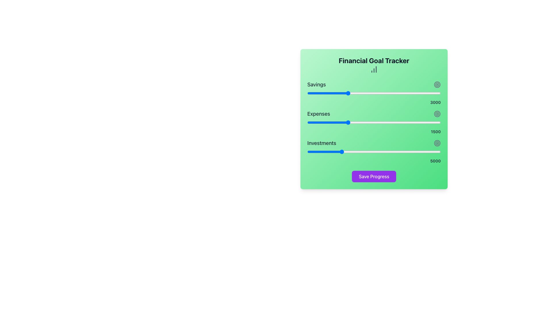  What do you see at coordinates (361, 93) in the screenshot?
I see `the savings value` at bounding box center [361, 93].